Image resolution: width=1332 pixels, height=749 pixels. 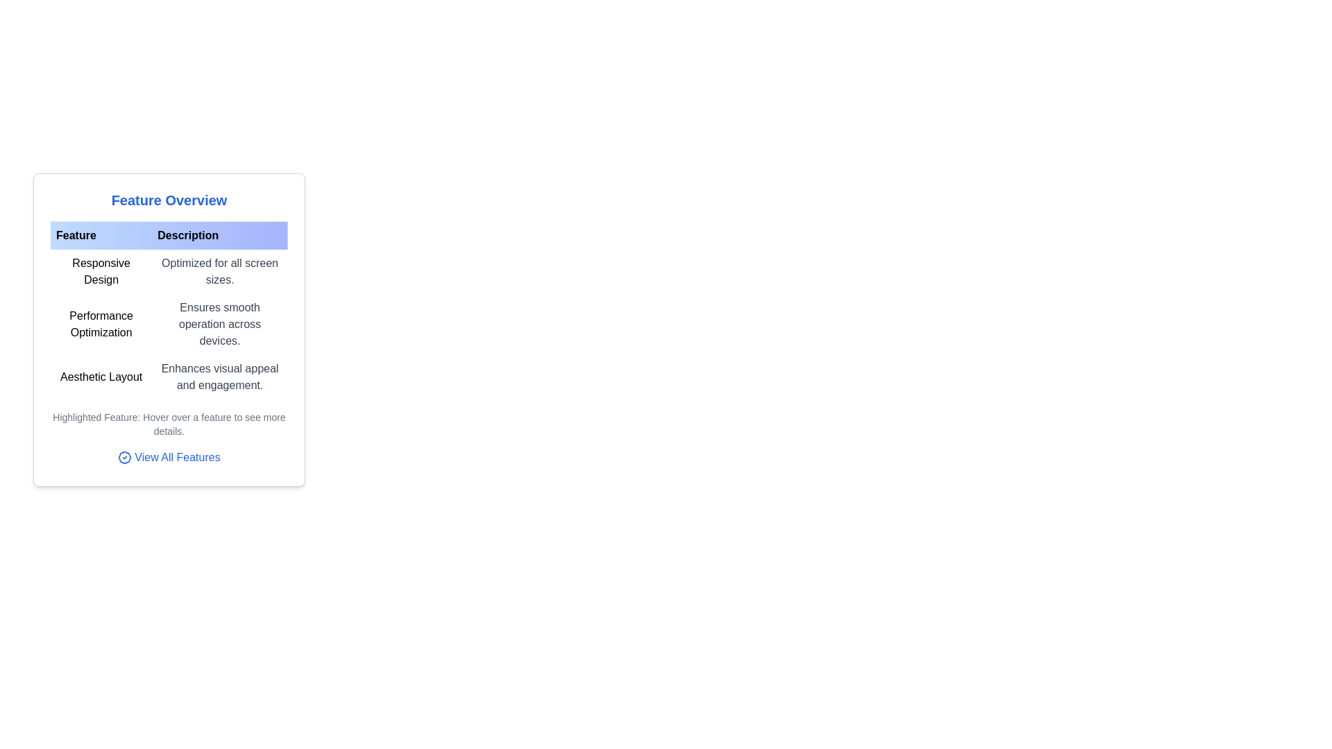 I want to click on the Text Block titled 'Aesthetic Layout' which describes 'Enhances visual appeal and engagement.' located in the bottom section of the layout, so click(x=169, y=377).